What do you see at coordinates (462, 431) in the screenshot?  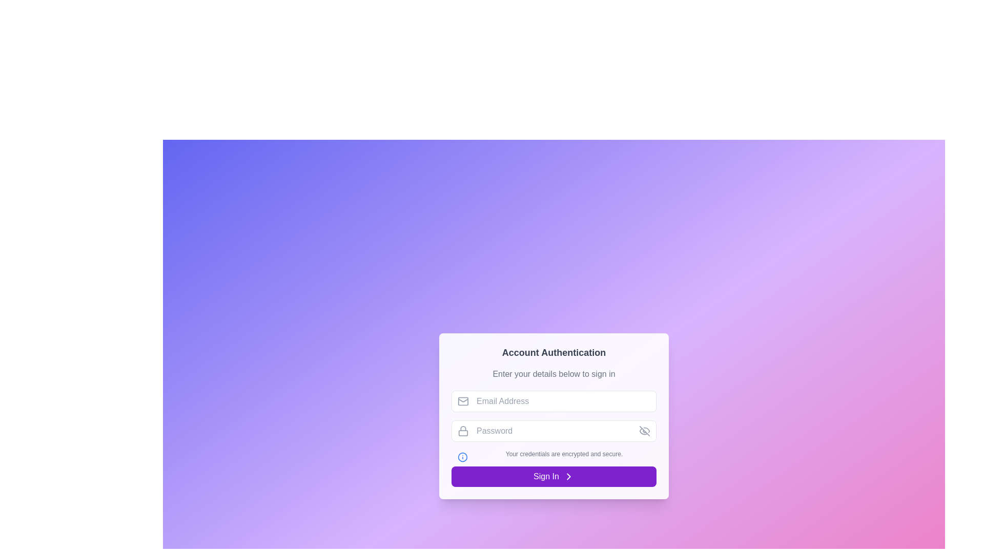 I see `the decorative lock icon that represents the secure nature of the password input field, positioned towards the left edge and vertically centered` at bounding box center [462, 431].